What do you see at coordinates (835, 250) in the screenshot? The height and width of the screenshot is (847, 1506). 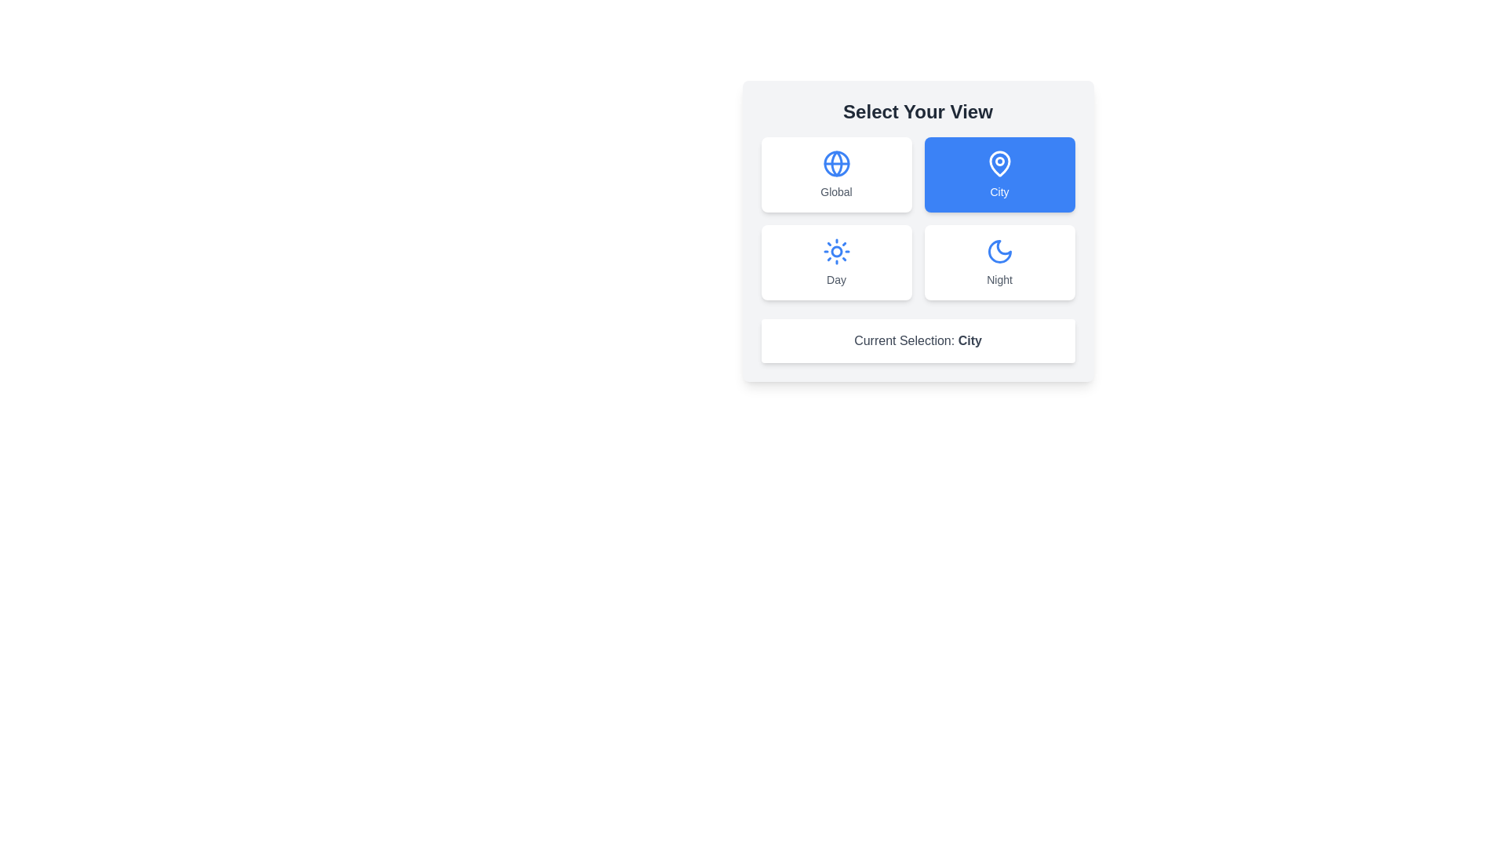 I see `the blue sun icon` at bounding box center [835, 250].